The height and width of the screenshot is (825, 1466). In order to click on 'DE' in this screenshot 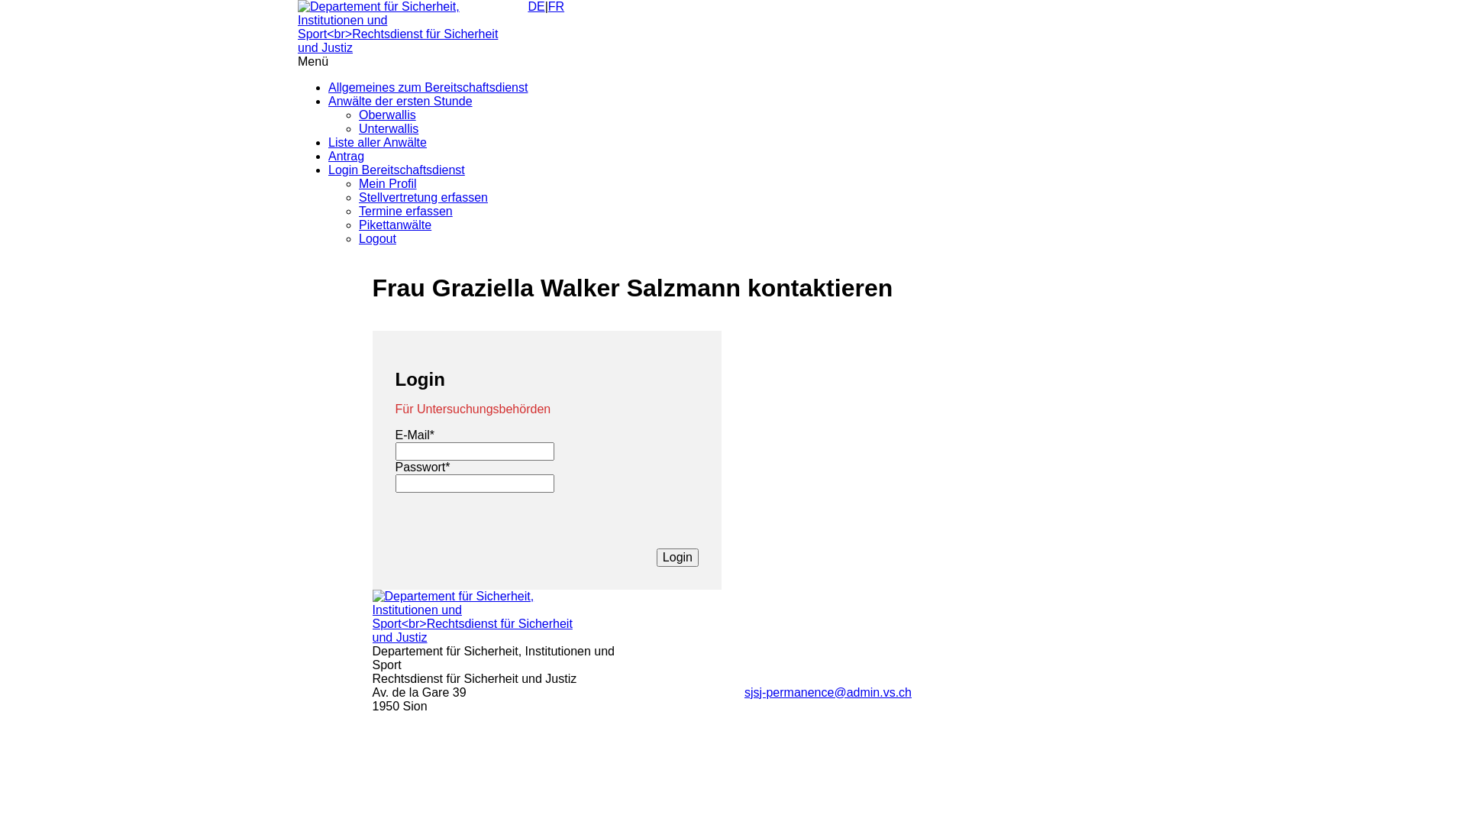, I will do `click(528, 6)`.